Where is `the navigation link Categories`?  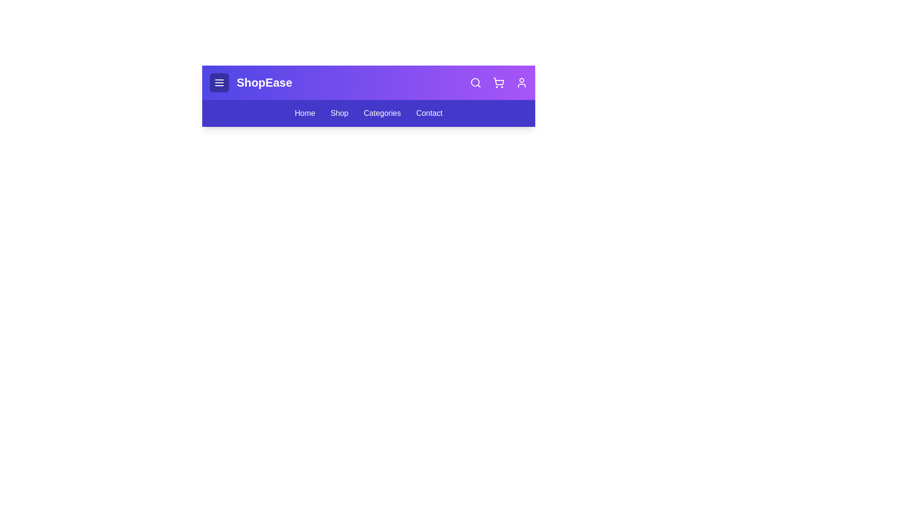 the navigation link Categories is located at coordinates (381, 112).